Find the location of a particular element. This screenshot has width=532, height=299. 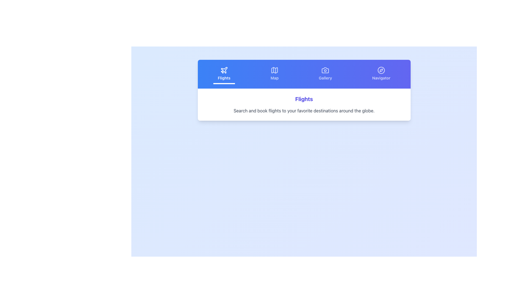

the 'Flights' icon in the navigation bar at the top of the content area, which is the first icon in the row of navigational tabs is located at coordinates (224, 70).